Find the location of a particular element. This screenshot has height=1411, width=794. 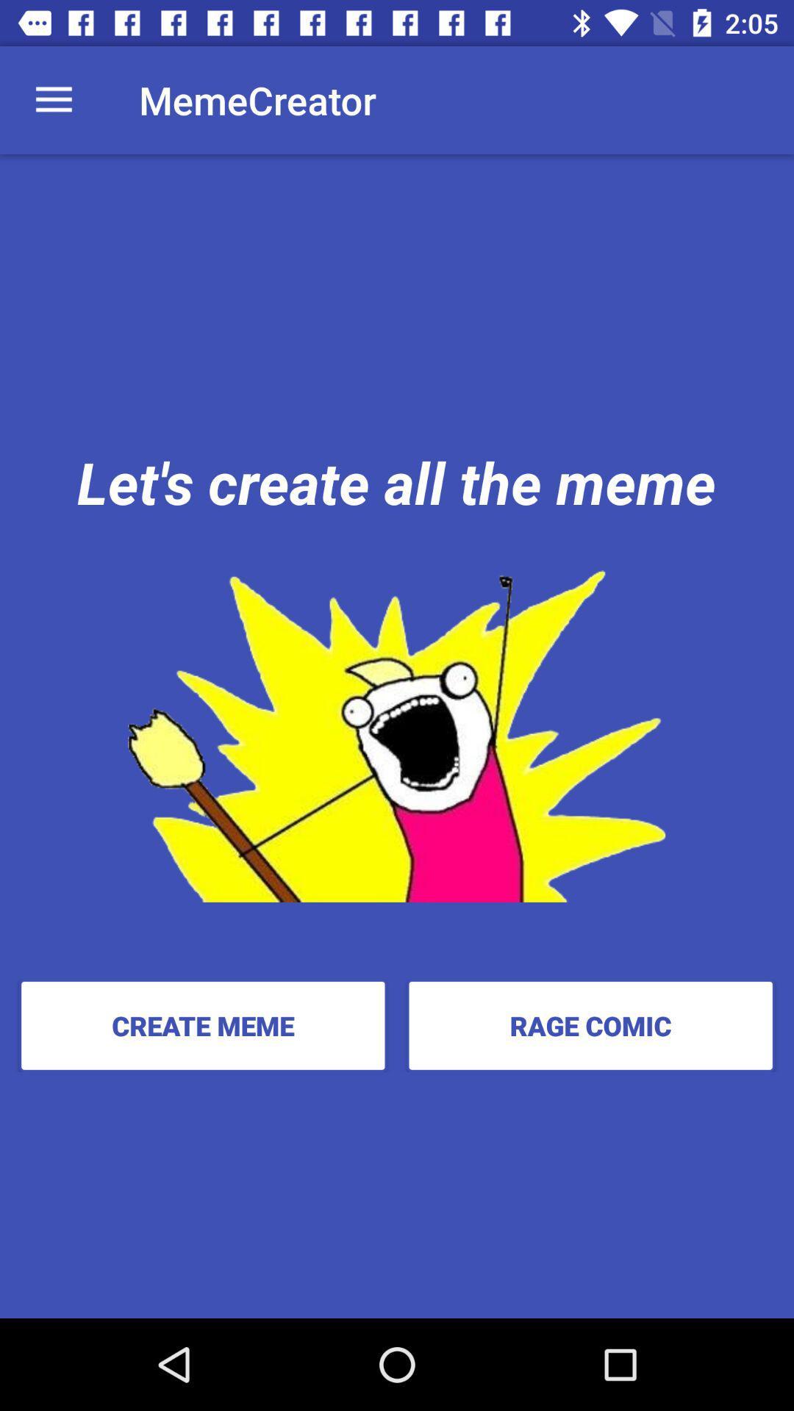

the icon next to memecreator icon is located at coordinates (53, 99).